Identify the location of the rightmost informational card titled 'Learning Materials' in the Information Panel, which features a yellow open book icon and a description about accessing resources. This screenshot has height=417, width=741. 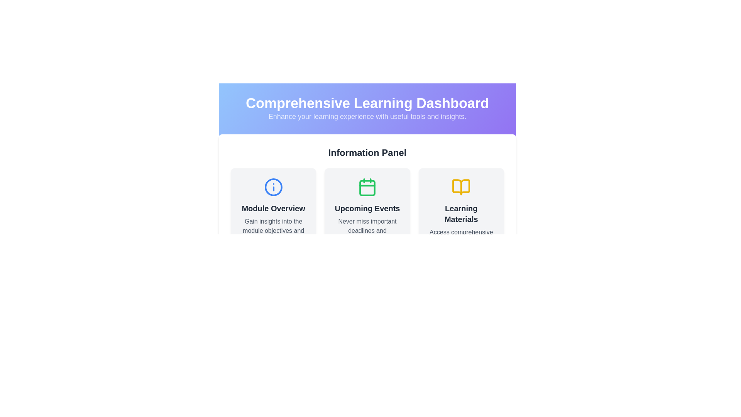
(461, 216).